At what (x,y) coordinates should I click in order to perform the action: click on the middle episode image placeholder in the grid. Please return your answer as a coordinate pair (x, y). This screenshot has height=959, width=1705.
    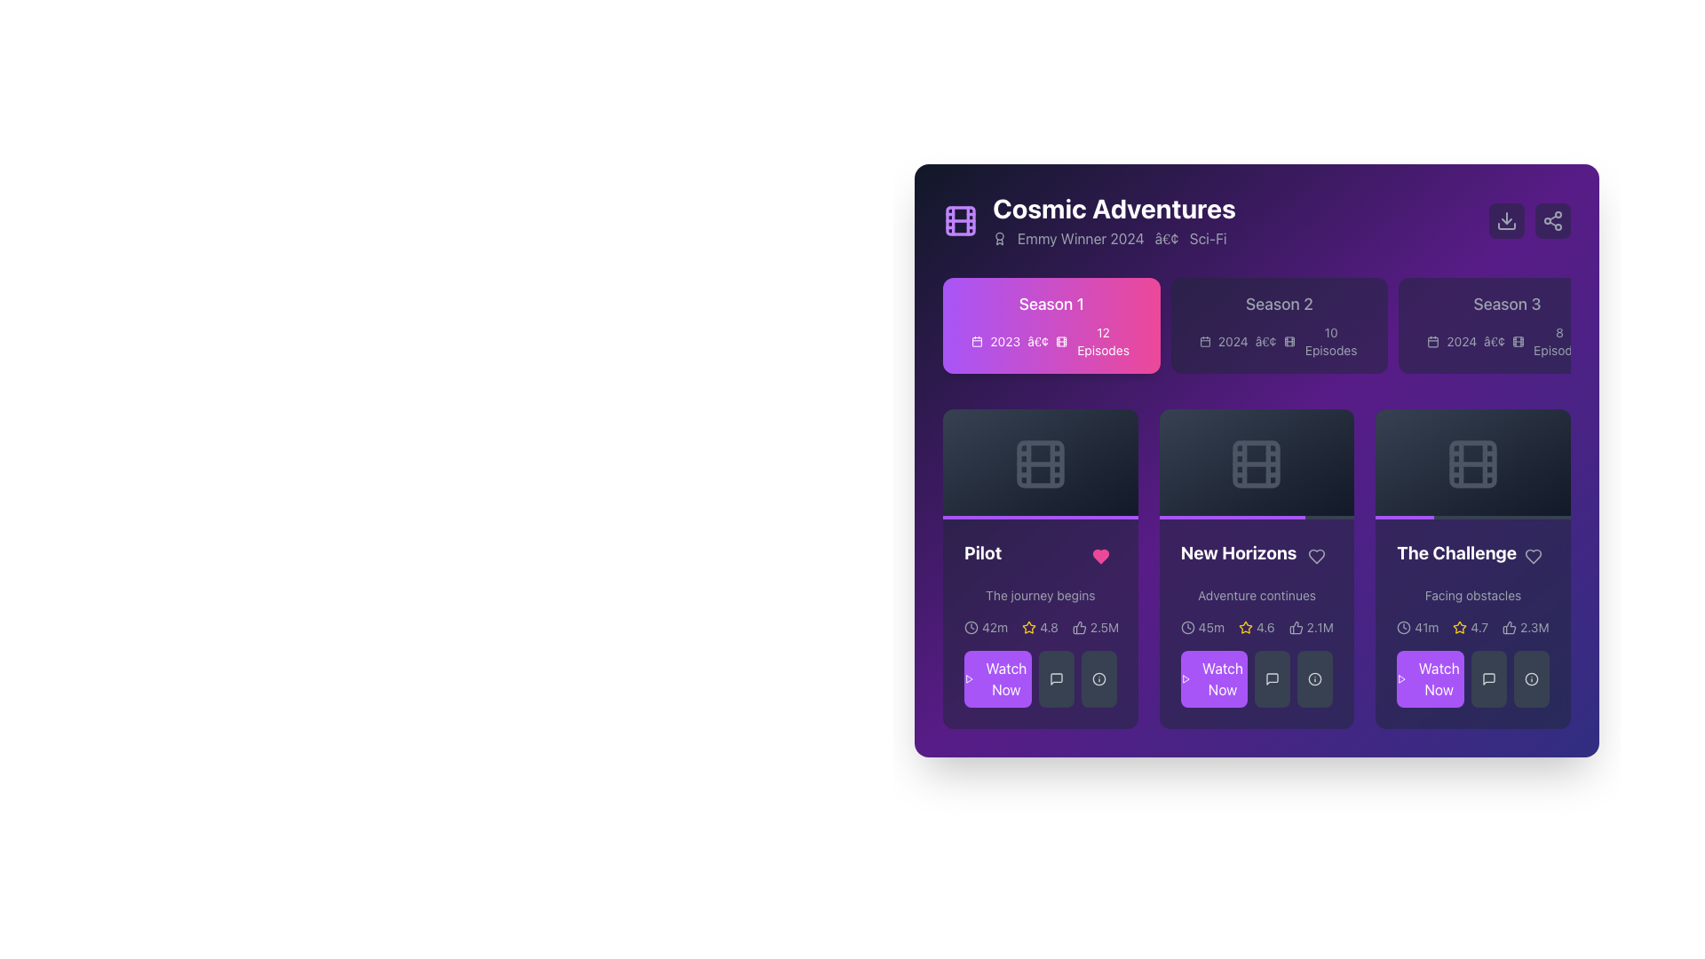
    Looking at the image, I should click on (1256, 463).